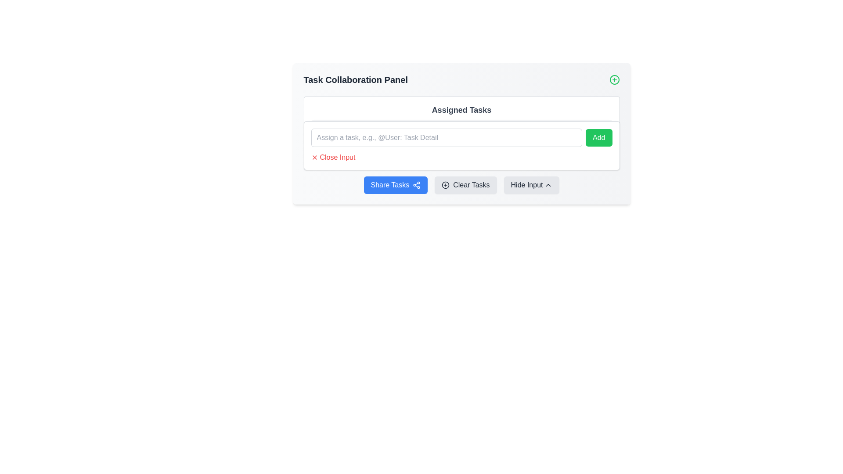 This screenshot has width=843, height=474. I want to click on the small, red-colored 'X' icon located to the left of the text 'Close Input' in the 'Assigned Tasks' section, so click(314, 157).